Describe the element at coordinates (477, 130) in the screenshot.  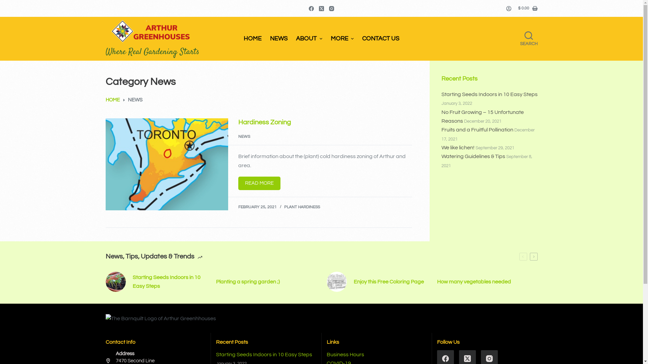
I see `'Fruits and a Fruitful Pollination'` at that location.